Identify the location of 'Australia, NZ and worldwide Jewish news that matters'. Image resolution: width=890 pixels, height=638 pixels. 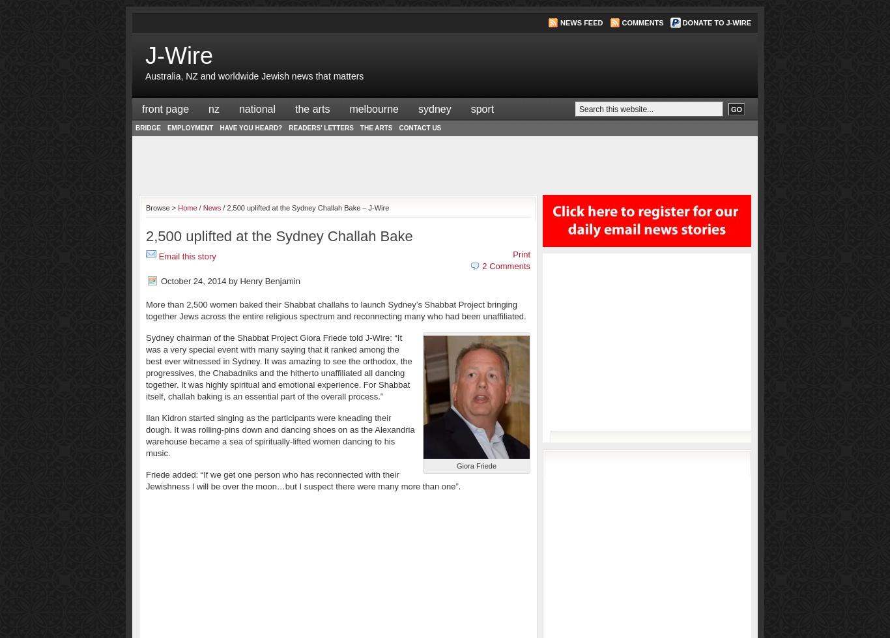
(253, 76).